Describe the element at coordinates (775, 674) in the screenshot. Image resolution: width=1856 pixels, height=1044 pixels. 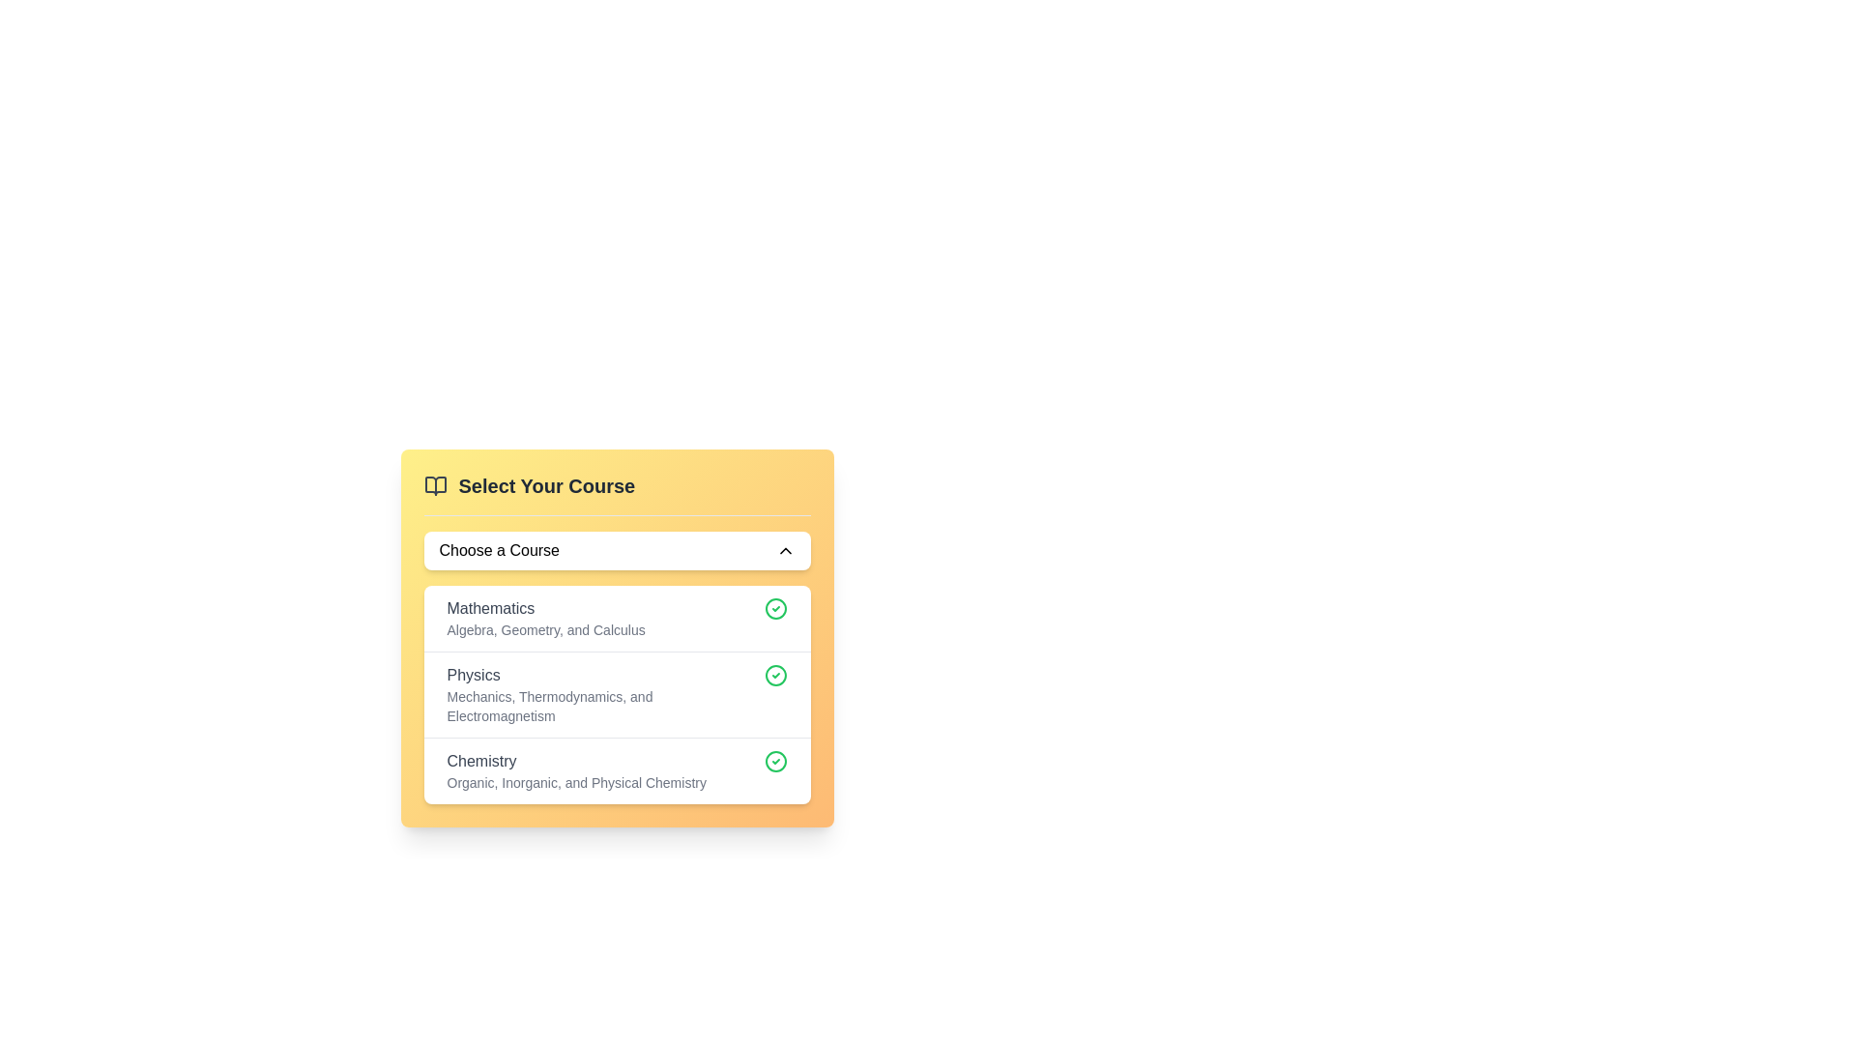
I see `the circular icon with a green checkmark located to the right of the 'Physics' course list item` at that location.